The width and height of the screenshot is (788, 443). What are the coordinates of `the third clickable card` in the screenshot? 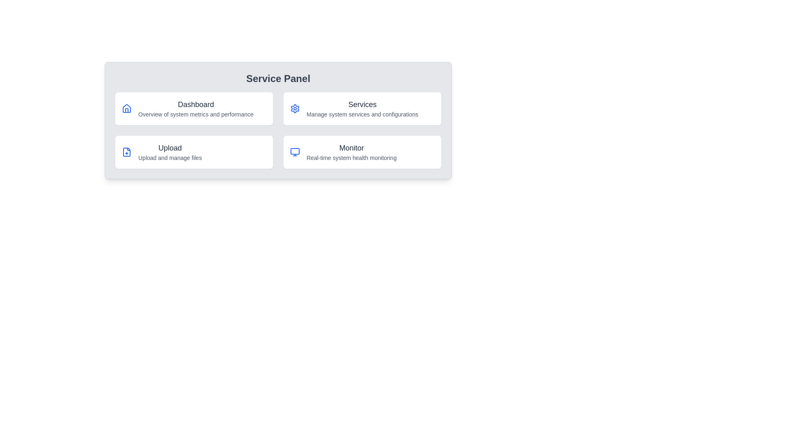 It's located at (194, 152).